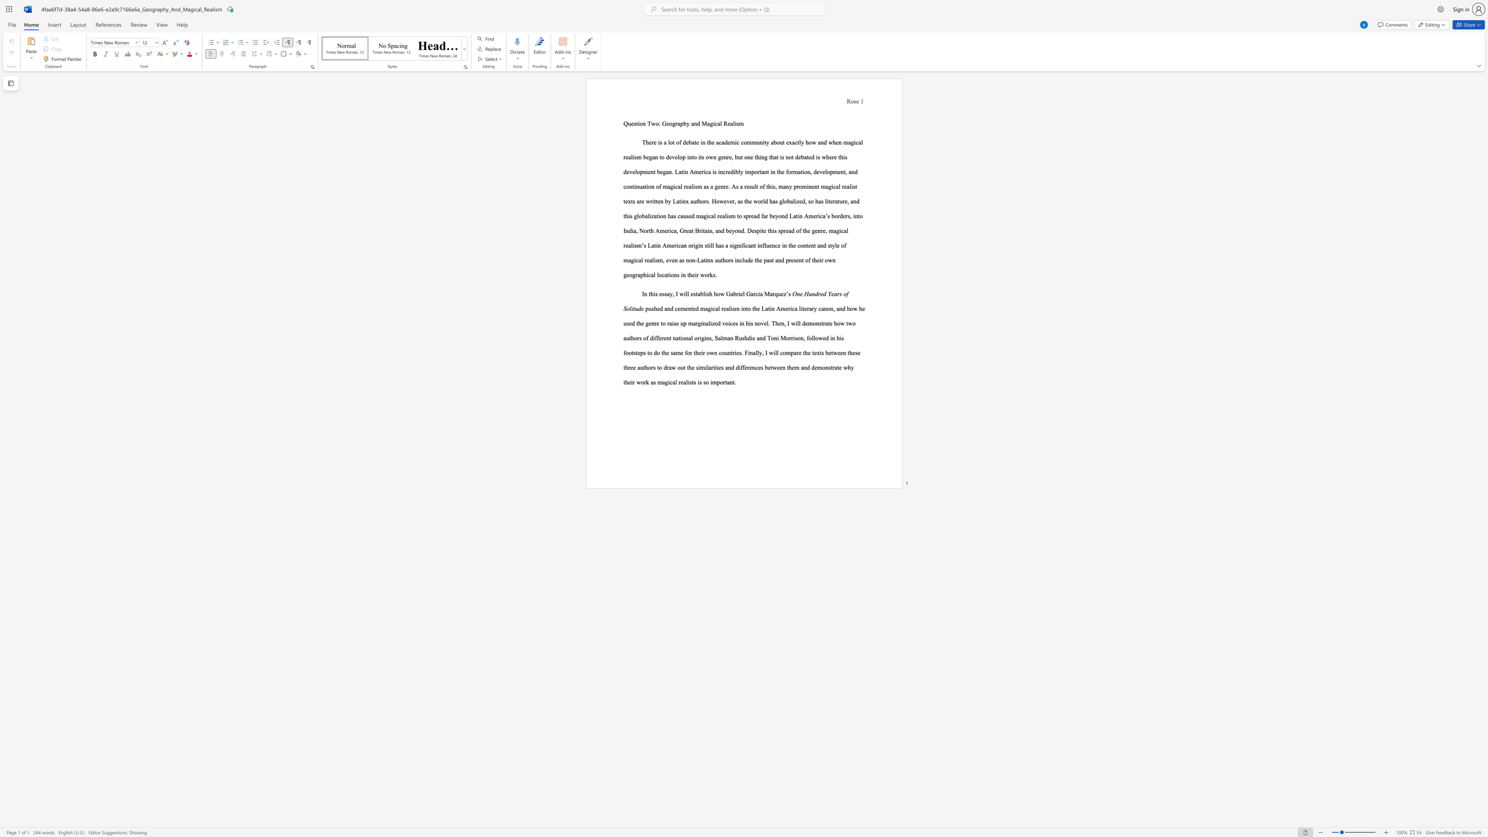  Describe the element at coordinates (721, 293) in the screenshot. I see `the 1th character "w" in the text` at that location.